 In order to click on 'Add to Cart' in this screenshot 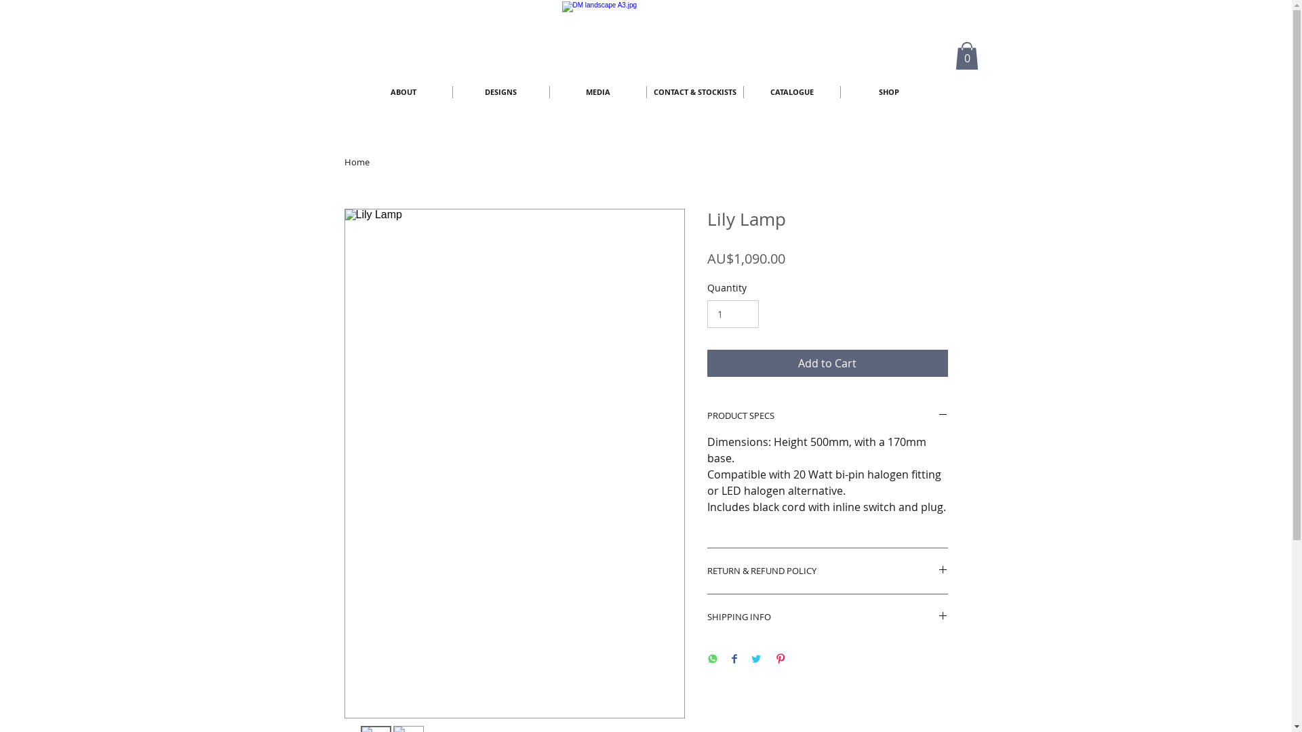, I will do `click(826, 363)`.